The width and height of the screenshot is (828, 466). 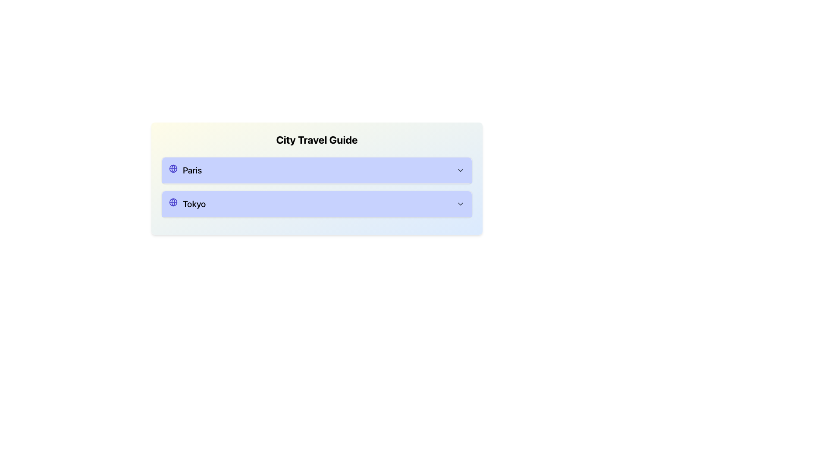 I want to click on the circular component inside the outline-styled globe icon preceding the text 'Tokyo', so click(x=173, y=168).